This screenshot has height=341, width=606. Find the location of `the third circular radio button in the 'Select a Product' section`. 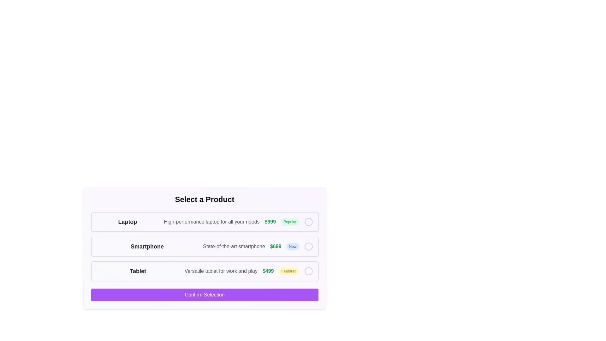

the third circular radio button in the 'Select a Product' section is located at coordinates (308, 271).